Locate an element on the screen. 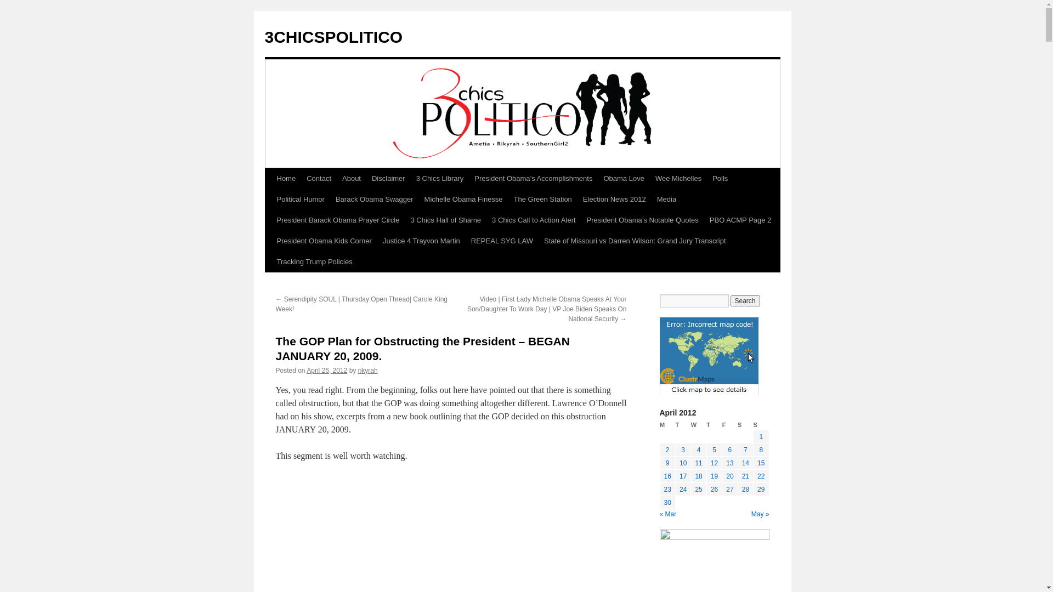 This screenshot has width=1053, height=592. '18' is located at coordinates (694, 475).